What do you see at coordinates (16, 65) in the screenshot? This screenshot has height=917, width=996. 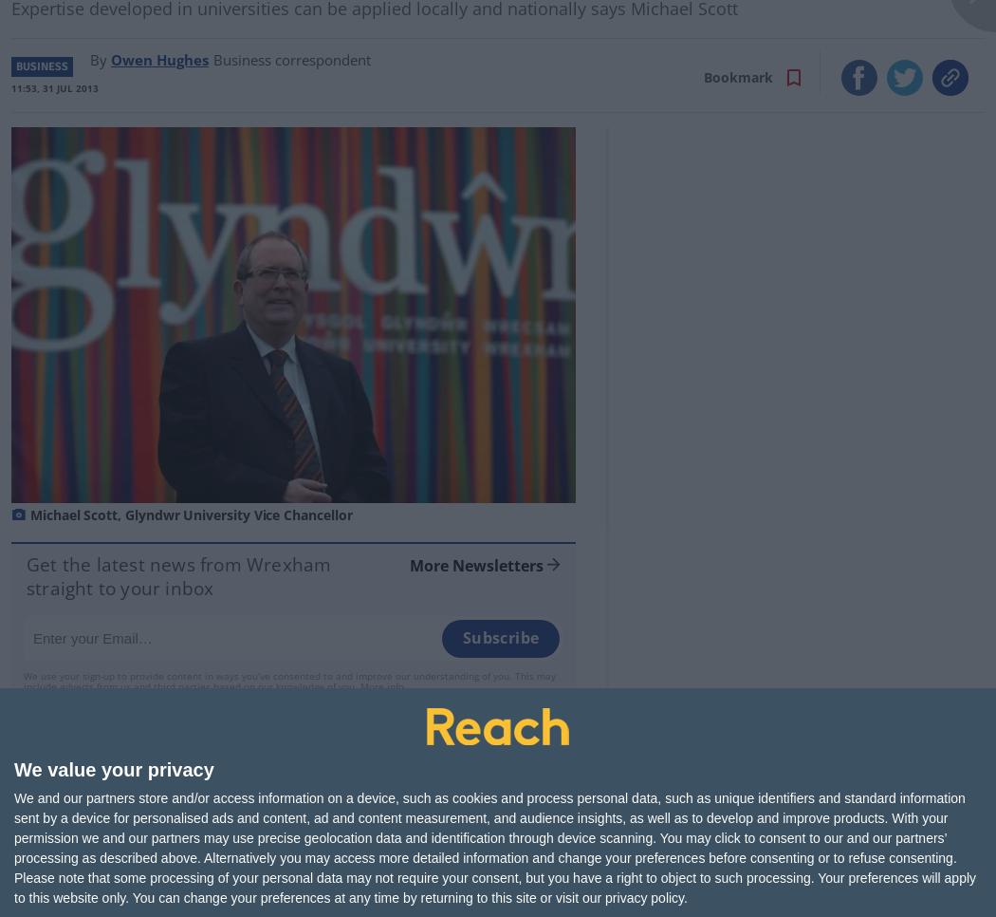 I see `'Business'` at bounding box center [16, 65].